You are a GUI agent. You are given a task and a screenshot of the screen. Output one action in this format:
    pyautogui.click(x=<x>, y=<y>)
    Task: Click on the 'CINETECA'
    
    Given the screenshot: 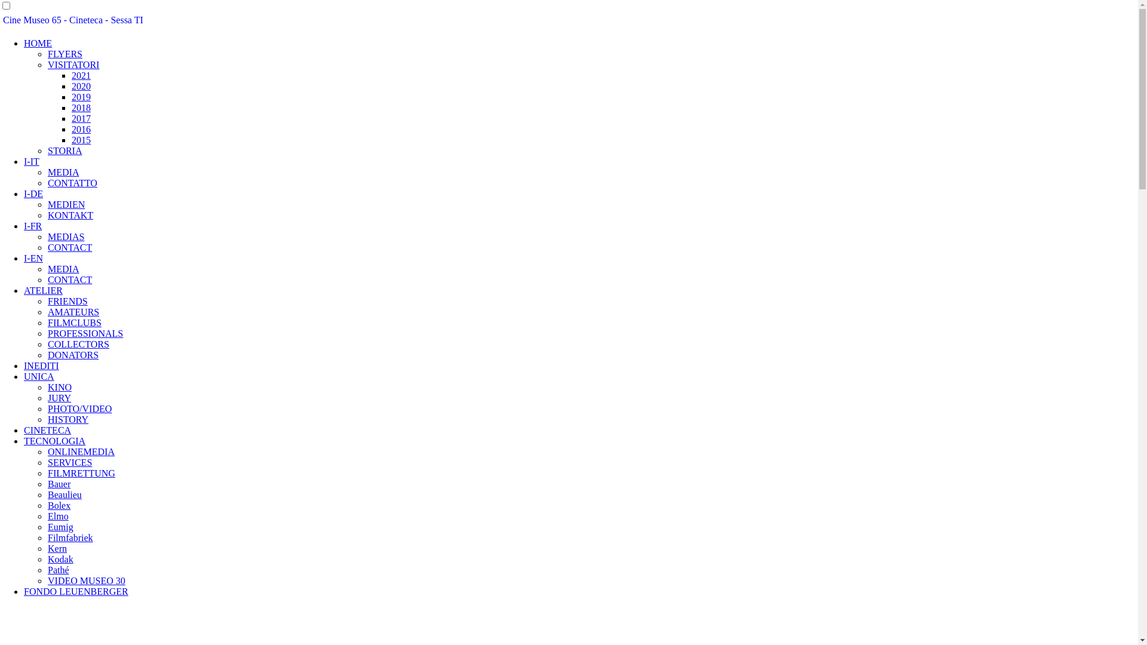 What is the action you would take?
    pyautogui.click(x=47, y=430)
    